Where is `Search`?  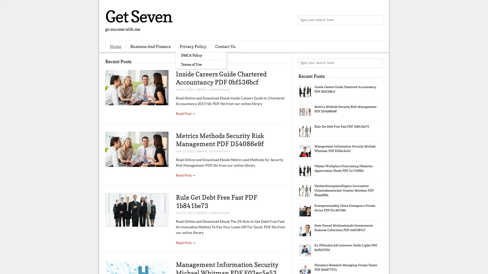
Search is located at coordinates (377, 20).